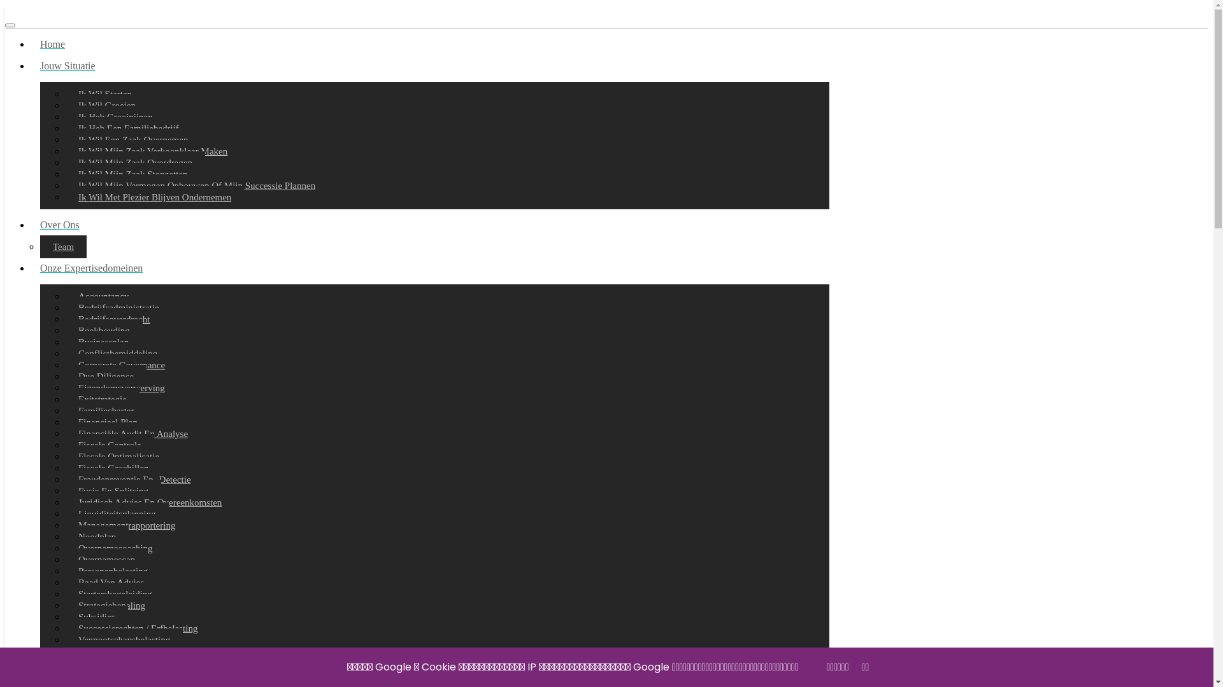 Image resolution: width=1223 pixels, height=687 pixels. I want to click on 'Overnamecoaching', so click(115, 547).